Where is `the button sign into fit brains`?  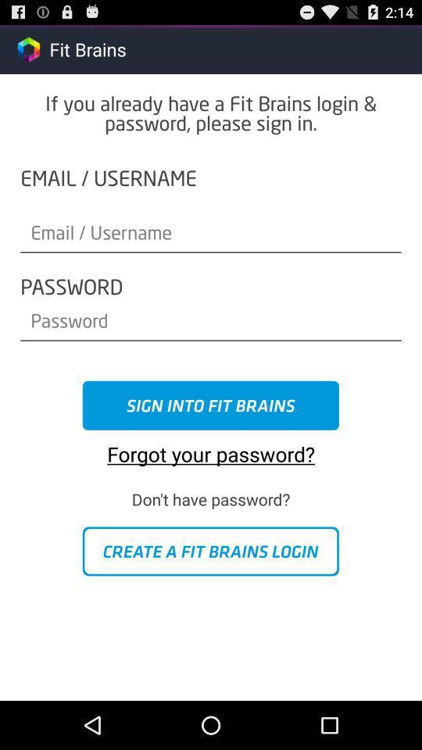 the button sign into fit brains is located at coordinates (211, 405).